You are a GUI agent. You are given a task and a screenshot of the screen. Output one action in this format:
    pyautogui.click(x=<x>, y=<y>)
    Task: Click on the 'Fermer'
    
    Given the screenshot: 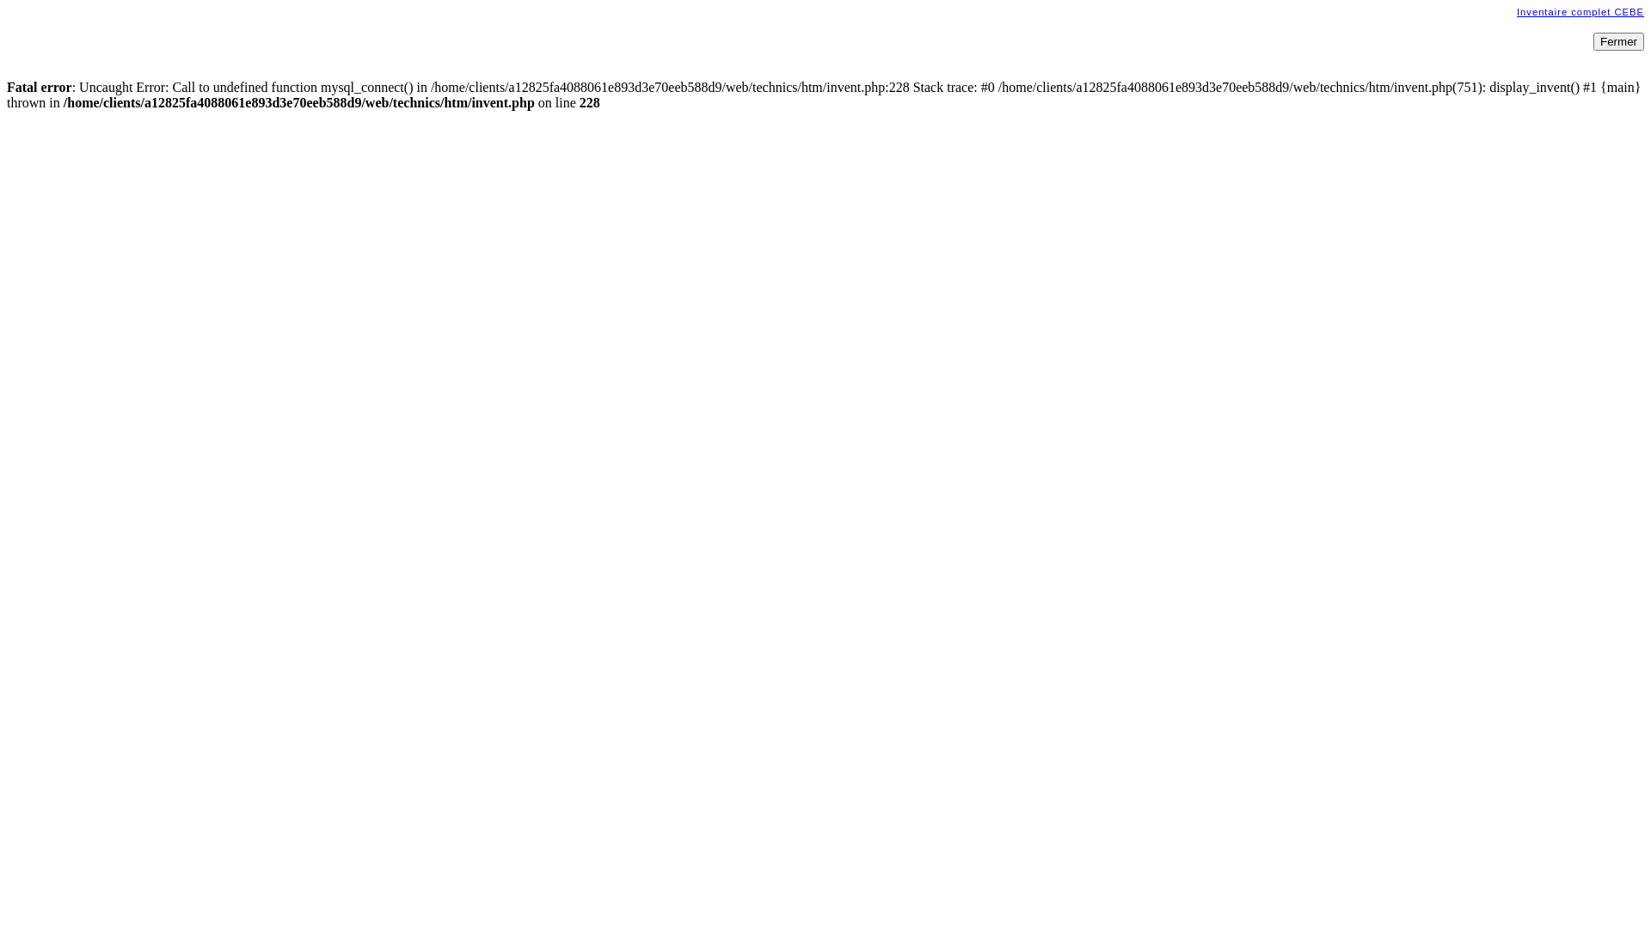 What is the action you would take?
    pyautogui.click(x=1592, y=40)
    